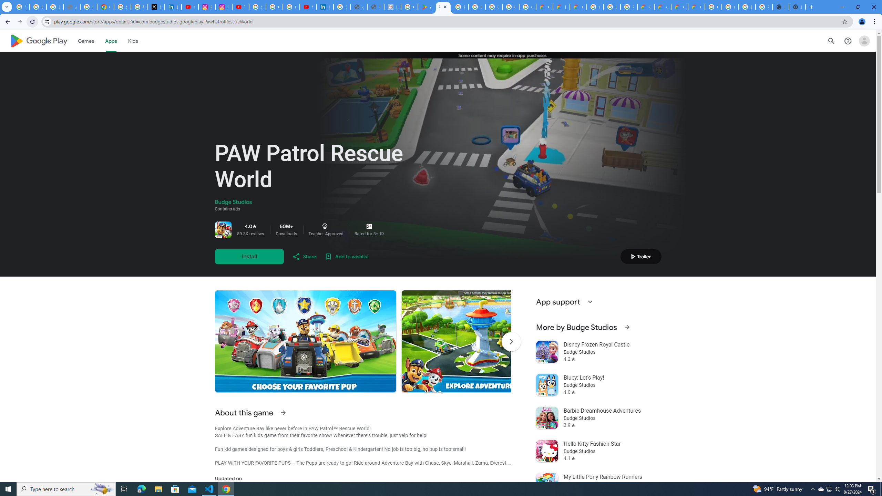 This screenshot has width=882, height=496. Describe the element at coordinates (645, 7) in the screenshot. I see `'Customer Care | Google Cloud'` at that location.